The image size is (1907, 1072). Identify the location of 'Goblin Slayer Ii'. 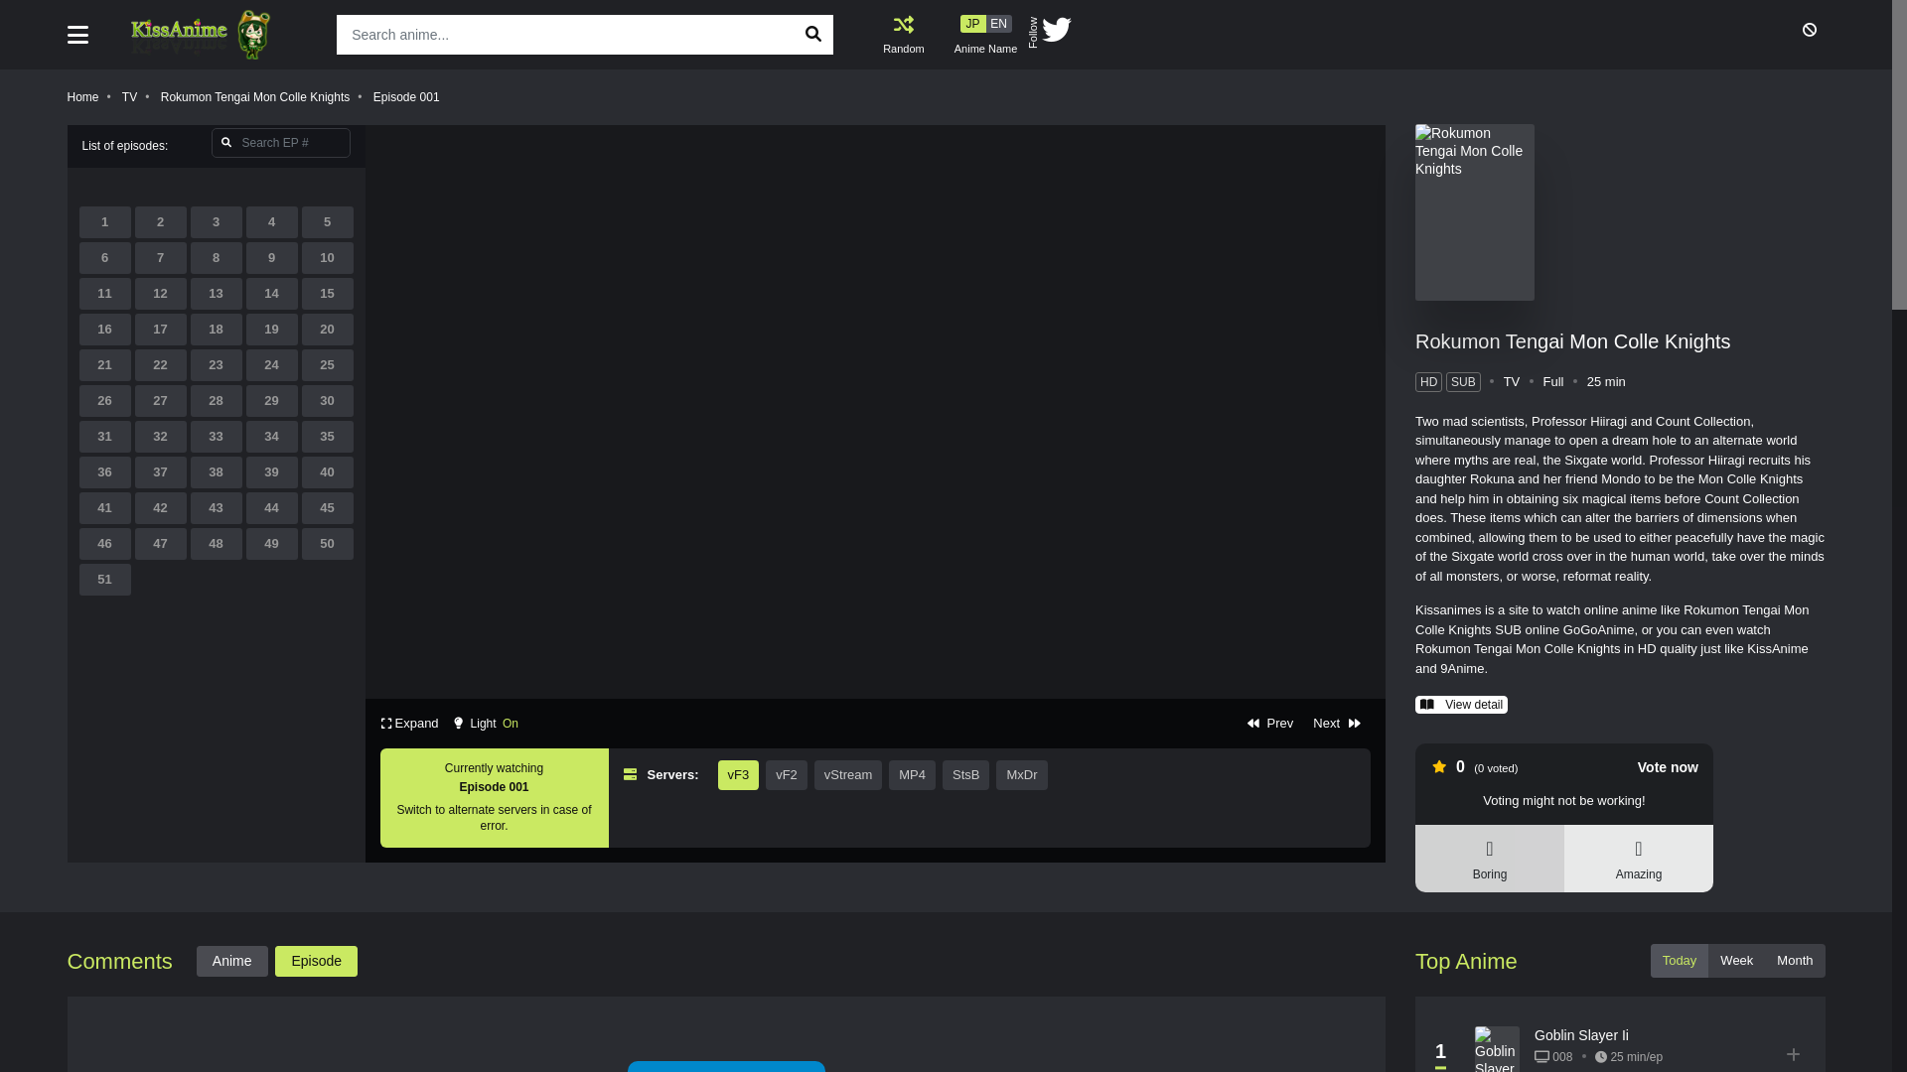
(1580, 1033).